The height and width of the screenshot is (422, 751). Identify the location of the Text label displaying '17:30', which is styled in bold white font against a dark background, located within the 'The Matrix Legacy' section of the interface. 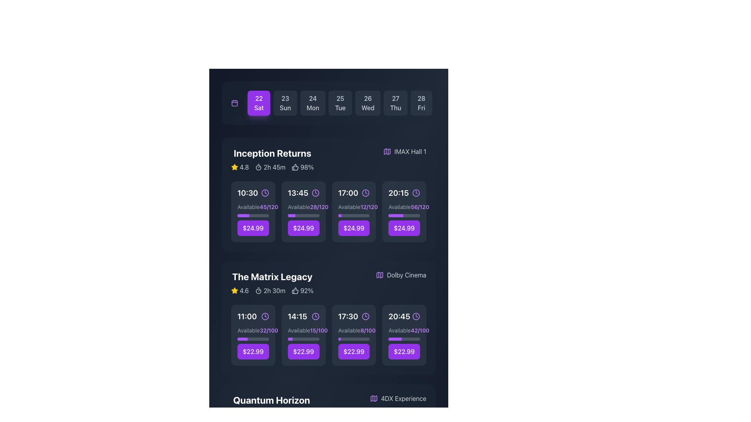
(348, 316).